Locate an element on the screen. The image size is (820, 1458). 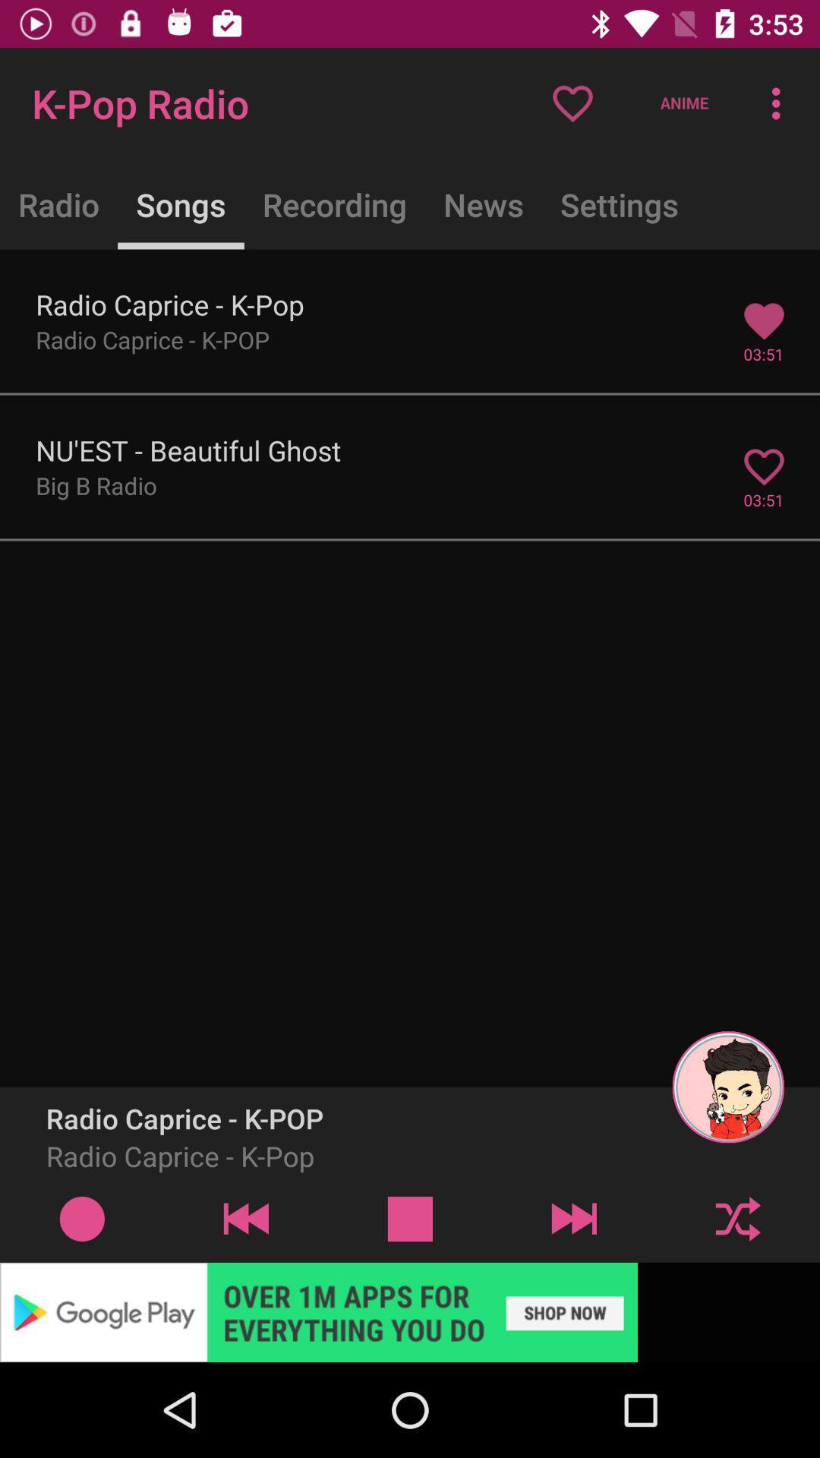
the heart is located at coordinates (572, 103).